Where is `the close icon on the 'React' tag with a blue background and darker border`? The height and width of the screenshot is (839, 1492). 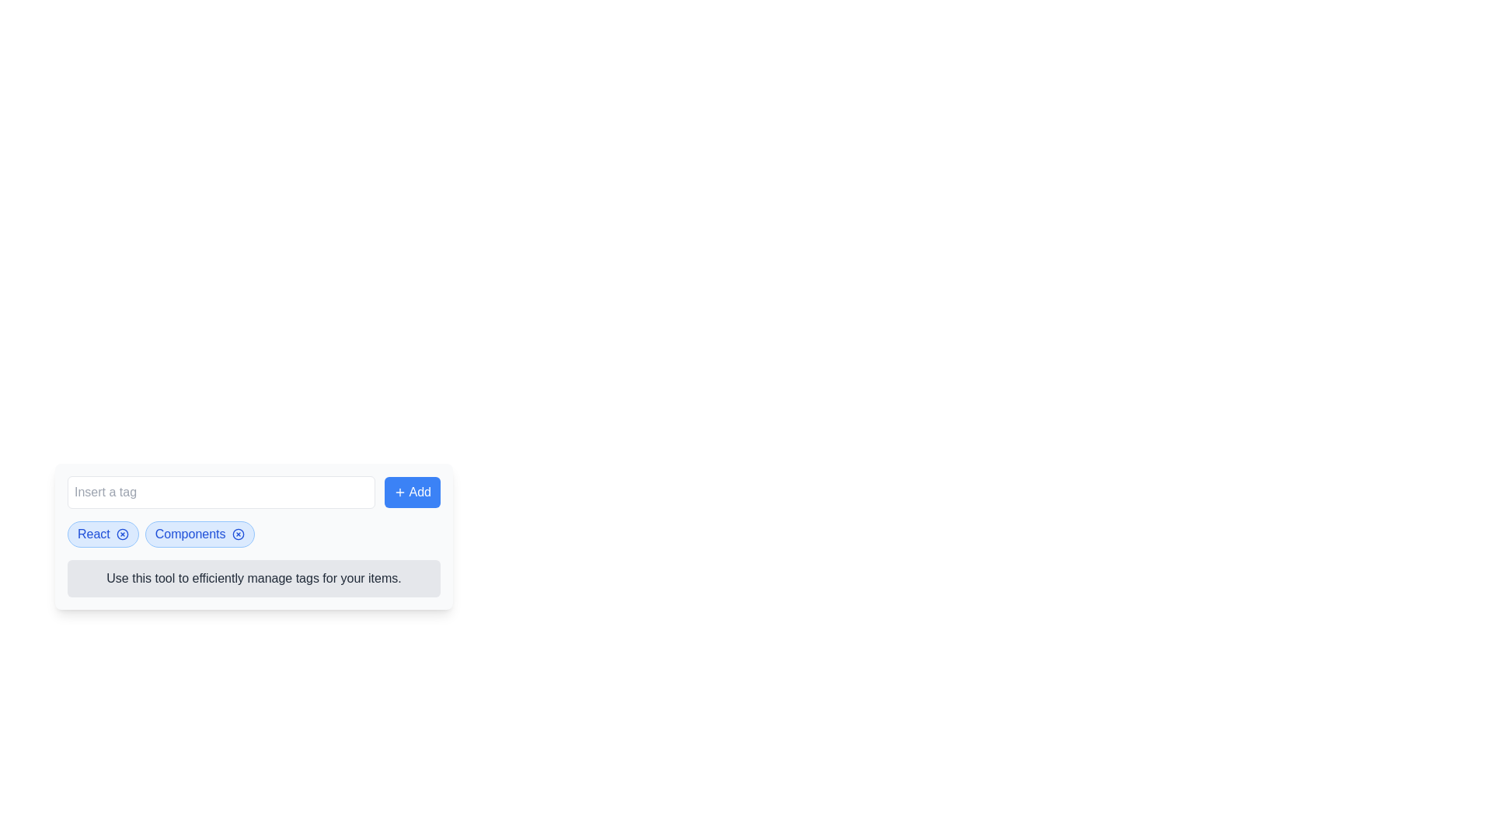 the close icon on the 'React' tag with a blue background and darker border is located at coordinates (102, 533).